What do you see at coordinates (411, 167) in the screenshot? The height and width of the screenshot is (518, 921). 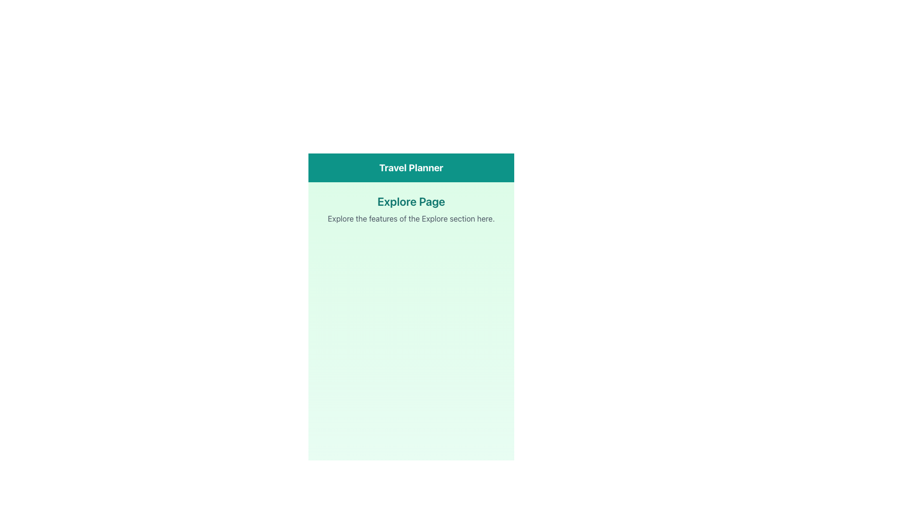 I see `the Static header text element displaying 'Travel Planner' with a solid teal background` at bounding box center [411, 167].